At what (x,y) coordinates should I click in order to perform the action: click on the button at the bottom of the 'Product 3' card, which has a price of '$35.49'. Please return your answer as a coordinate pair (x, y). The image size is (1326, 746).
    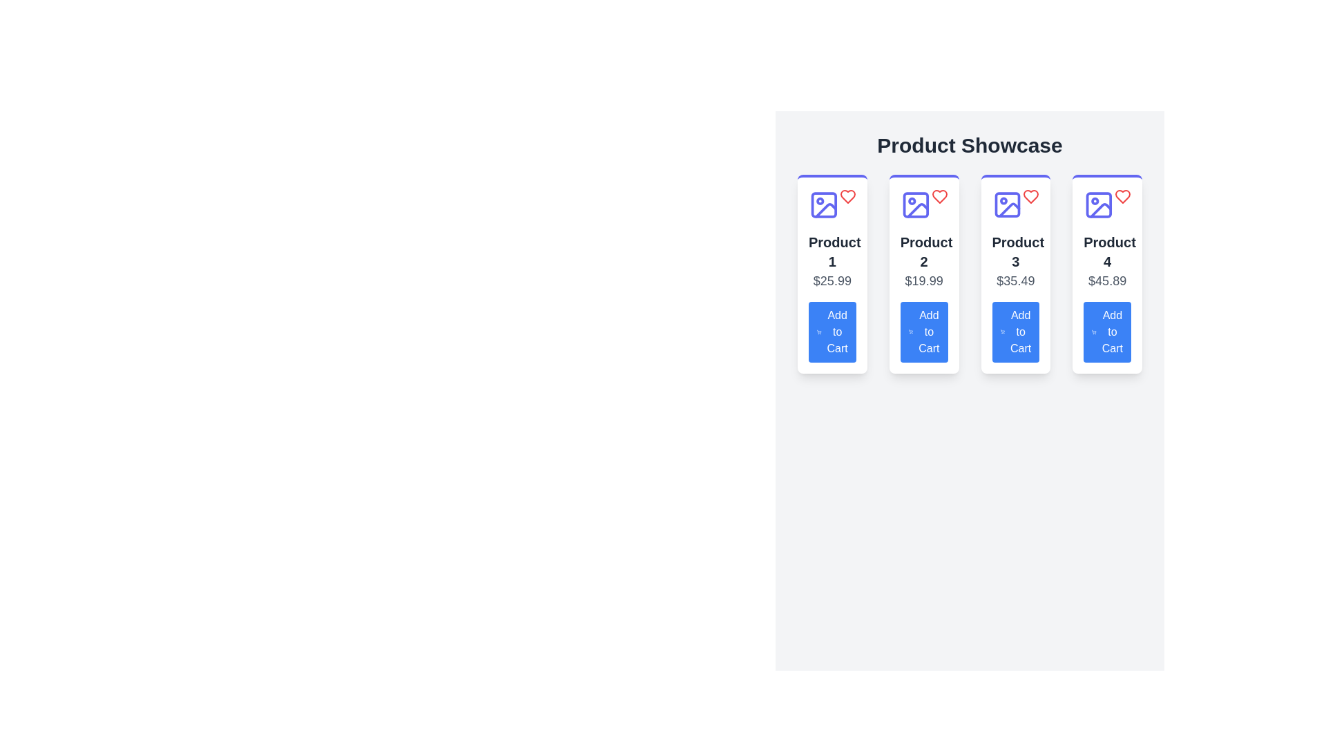
    Looking at the image, I should click on (1015, 332).